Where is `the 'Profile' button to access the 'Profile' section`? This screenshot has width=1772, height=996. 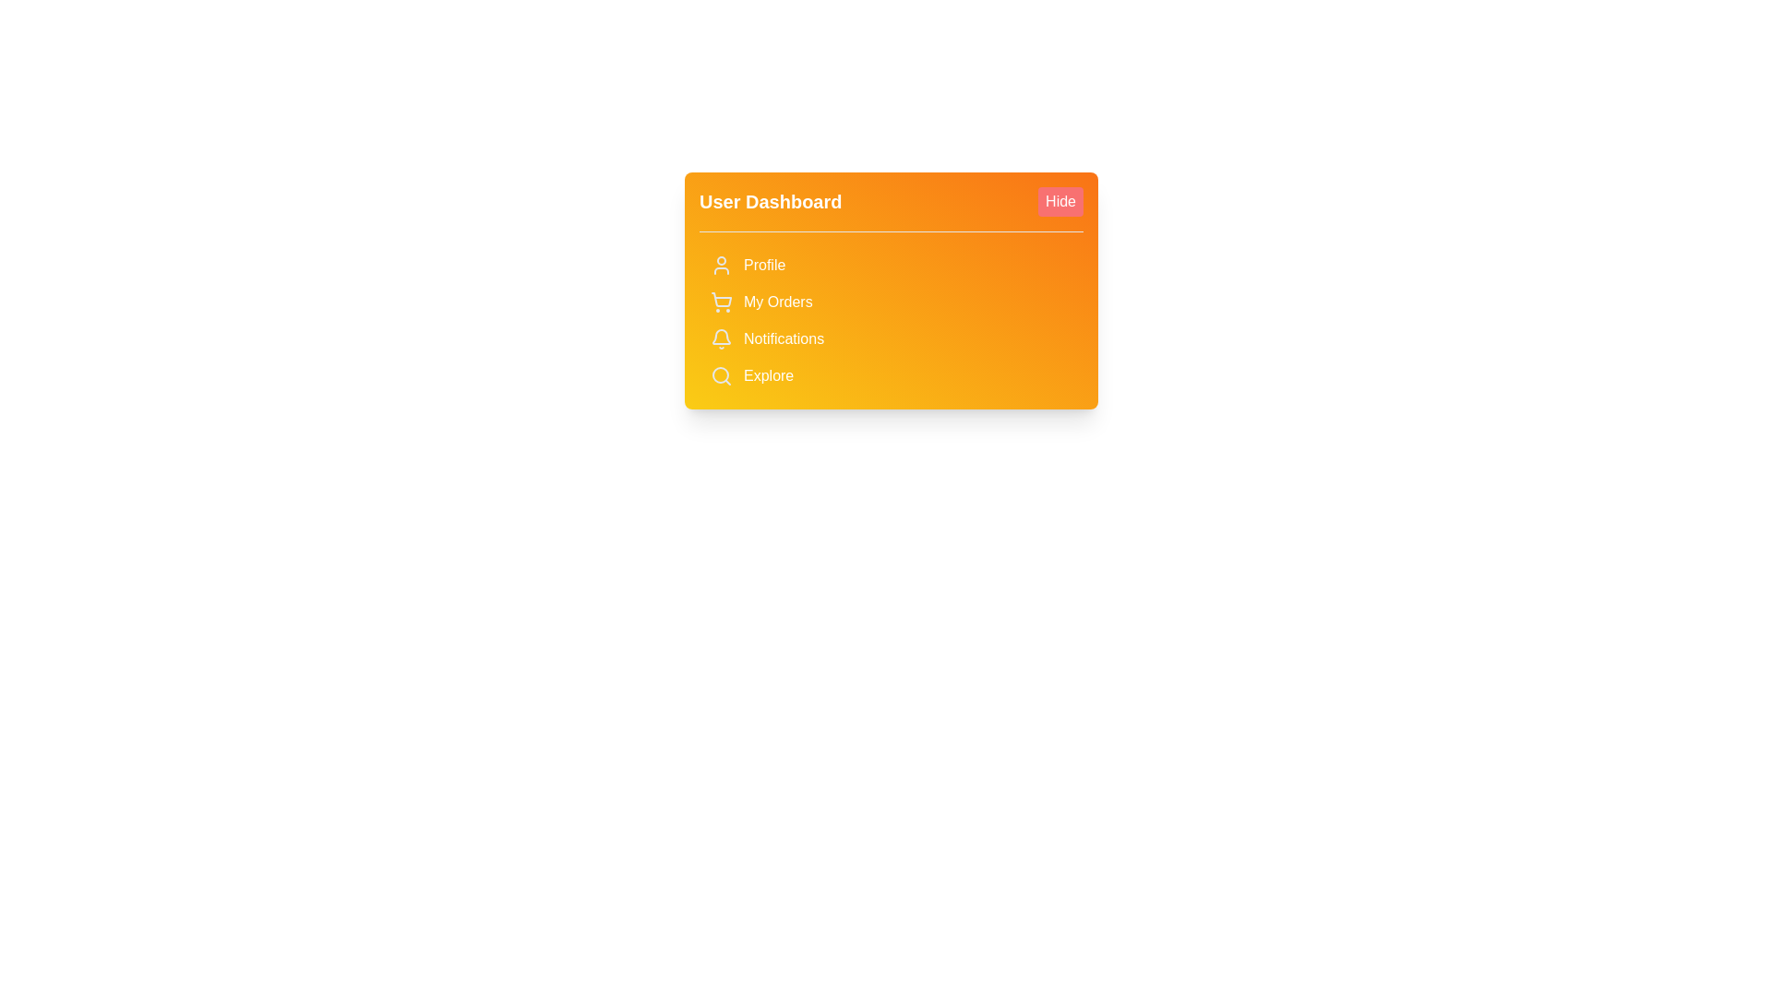 the 'Profile' button to access the 'Profile' section is located at coordinates (891, 266).